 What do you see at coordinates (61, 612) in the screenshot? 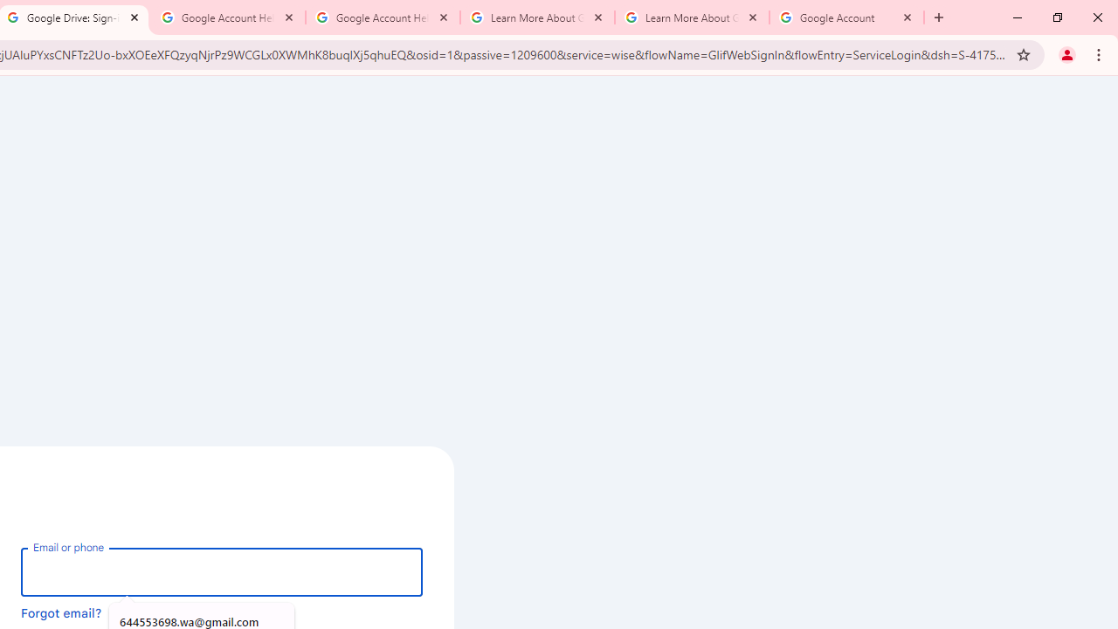
I see `'Forgot email?'` at bounding box center [61, 612].